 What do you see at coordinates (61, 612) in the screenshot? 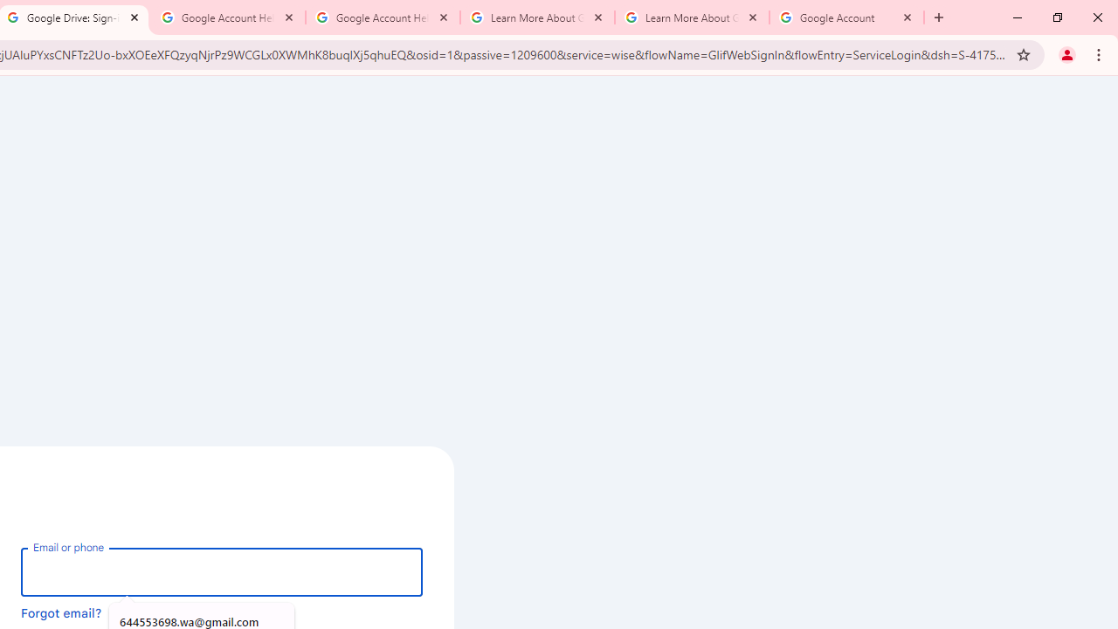
I see `'Forgot email?'` at bounding box center [61, 612].